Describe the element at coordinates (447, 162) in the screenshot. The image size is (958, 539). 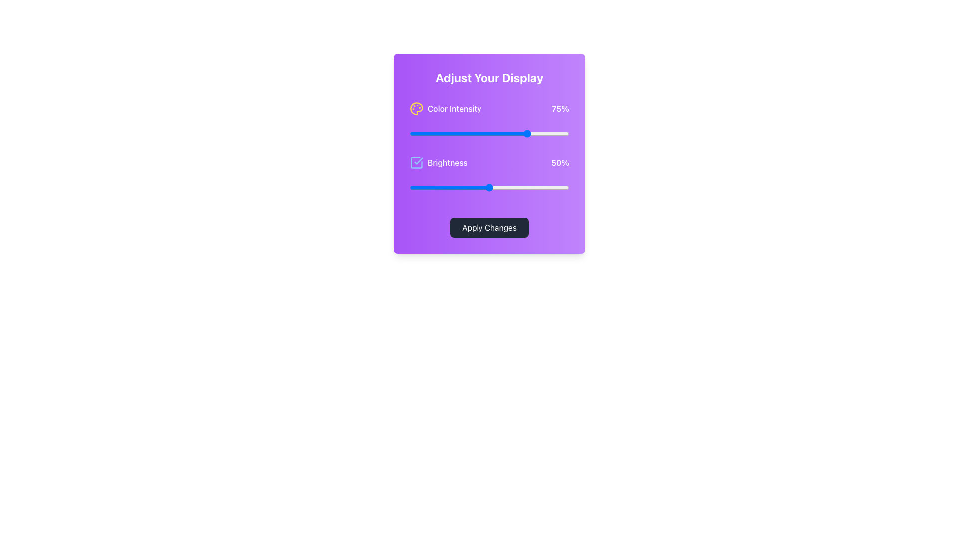
I see `text of the Label that describes the associated control for adjusting brightness settings, located to the right of a checkbox icon` at that location.